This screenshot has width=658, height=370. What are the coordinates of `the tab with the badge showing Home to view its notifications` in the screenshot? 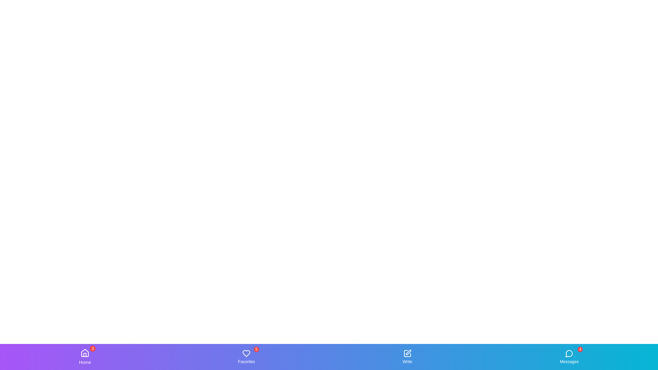 It's located at (84, 356).